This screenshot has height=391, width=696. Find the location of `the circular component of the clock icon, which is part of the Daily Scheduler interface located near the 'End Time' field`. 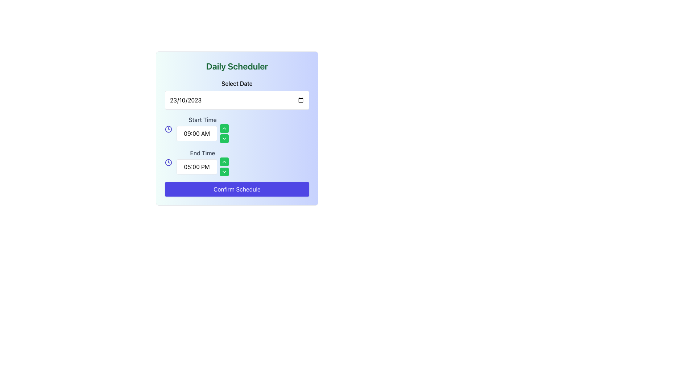

the circular component of the clock icon, which is part of the Daily Scheduler interface located near the 'End Time' field is located at coordinates (168, 129).